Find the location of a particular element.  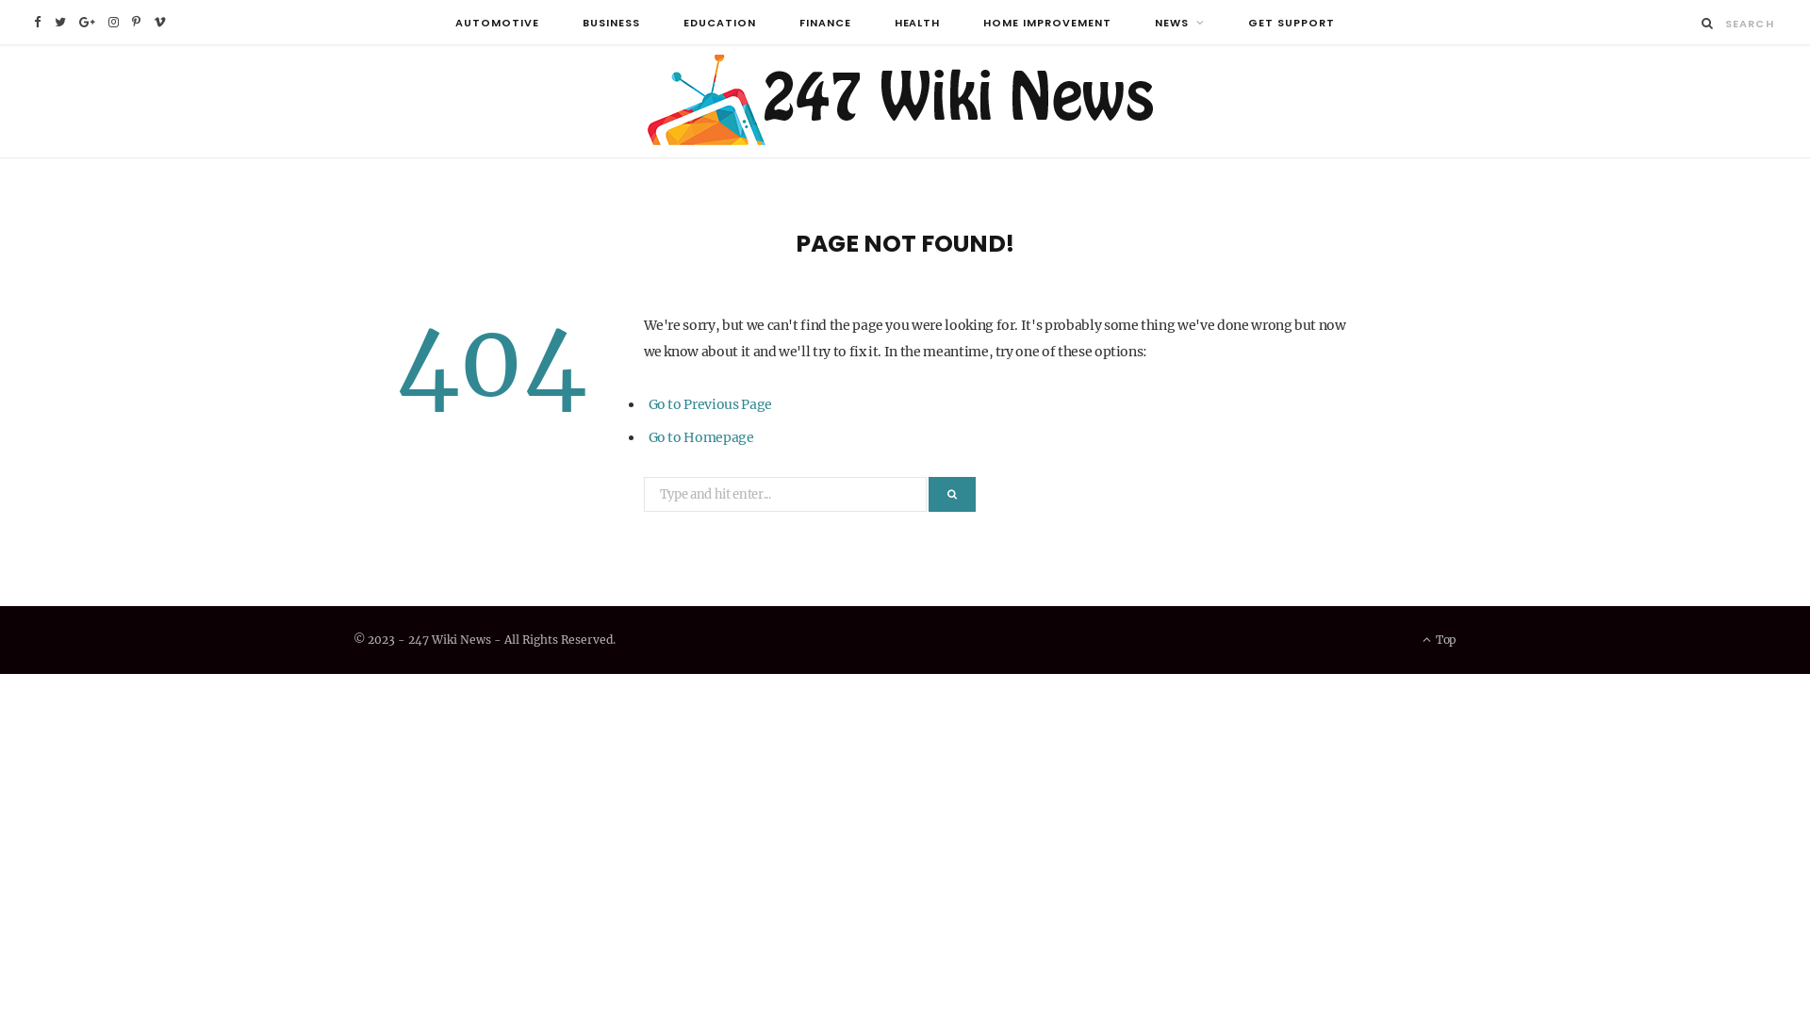

'AUTOMOTIVE' is located at coordinates (497, 22).